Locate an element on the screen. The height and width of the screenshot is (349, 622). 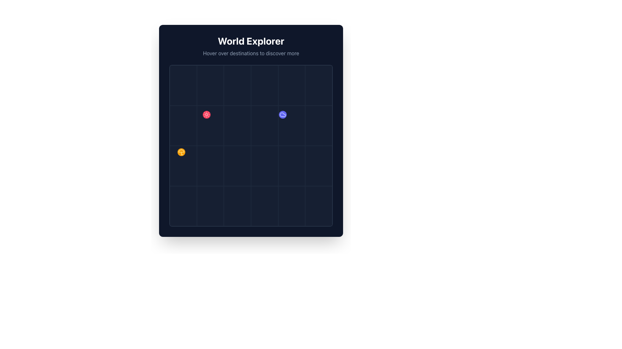
the interactive icon located is located at coordinates (181, 152).